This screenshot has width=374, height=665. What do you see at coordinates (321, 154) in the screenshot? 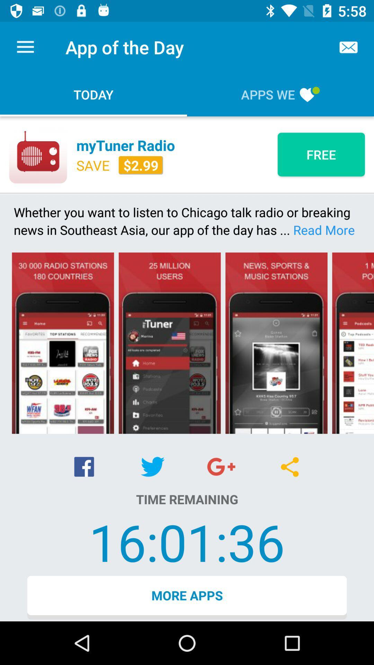
I see `the item below apps we icon` at bounding box center [321, 154].